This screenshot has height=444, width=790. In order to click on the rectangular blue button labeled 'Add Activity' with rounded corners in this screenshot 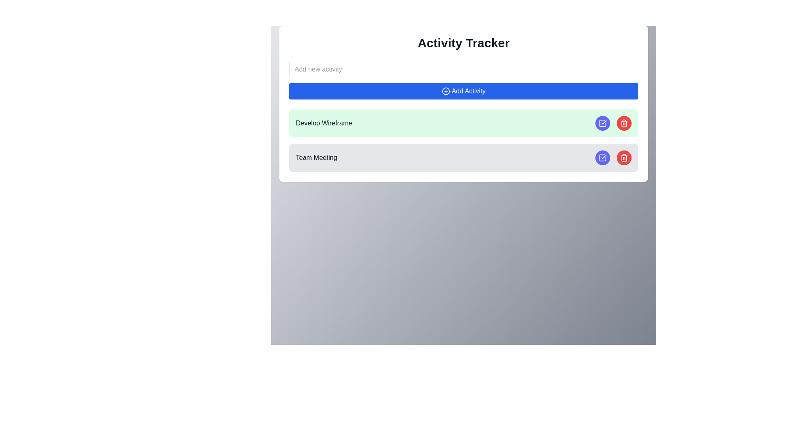, I will do `click(464, 91)`.